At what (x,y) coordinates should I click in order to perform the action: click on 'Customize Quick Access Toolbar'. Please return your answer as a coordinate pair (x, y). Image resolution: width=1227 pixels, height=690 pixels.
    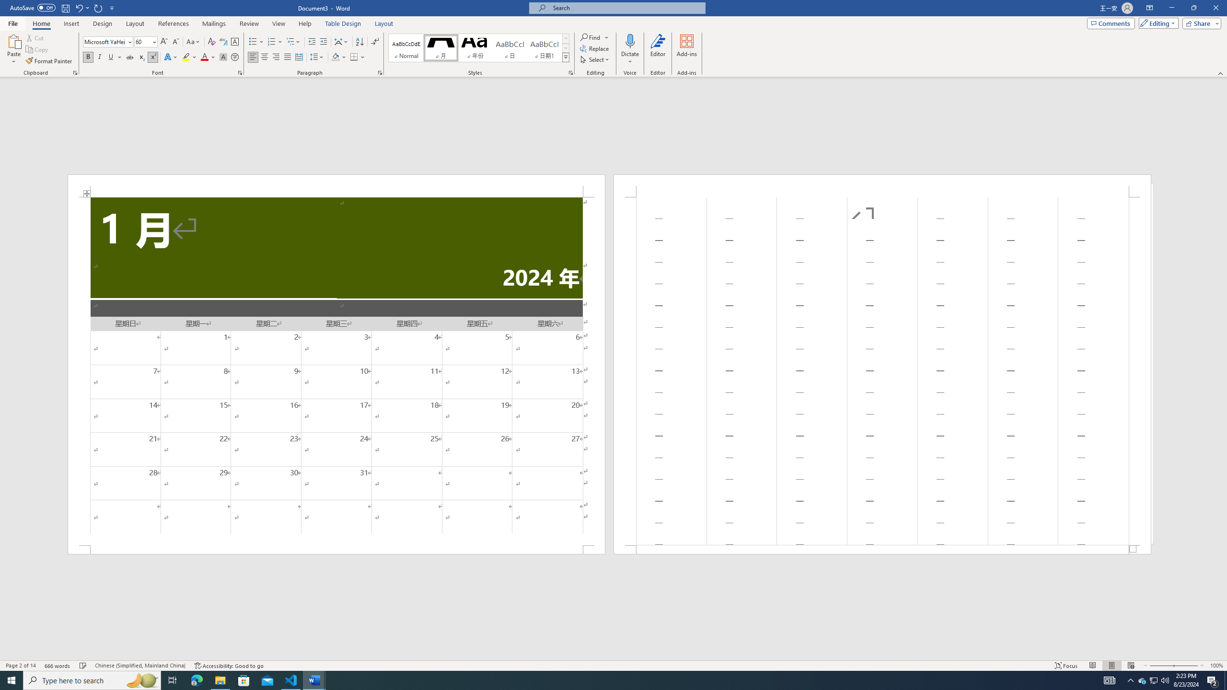
    Looking at the image, I should click on (112, 7).